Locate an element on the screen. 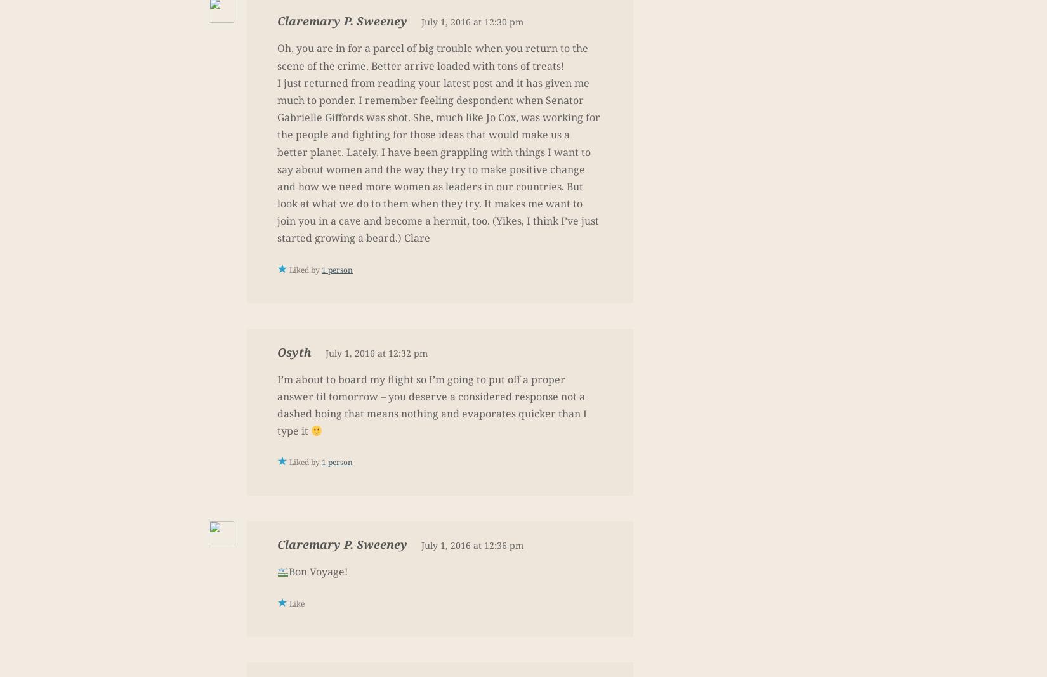 The height and width of the screenshot is (677, 1047). 'July 1, 2016 at 12:32 pm' is located at coordinates (376, 352).